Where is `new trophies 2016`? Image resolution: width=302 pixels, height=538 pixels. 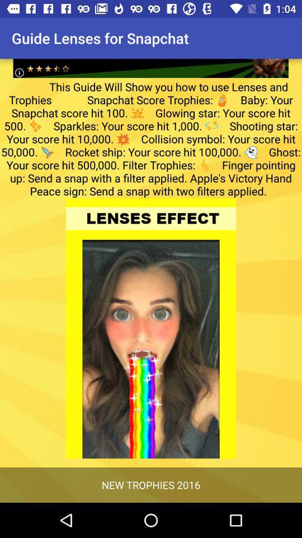
new trophies 2016 is located at coordinates (151, 484).